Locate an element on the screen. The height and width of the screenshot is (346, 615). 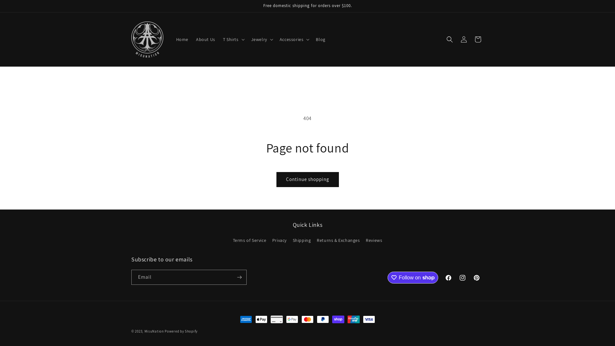
'Privacy' is located at coordinates (279, 240).